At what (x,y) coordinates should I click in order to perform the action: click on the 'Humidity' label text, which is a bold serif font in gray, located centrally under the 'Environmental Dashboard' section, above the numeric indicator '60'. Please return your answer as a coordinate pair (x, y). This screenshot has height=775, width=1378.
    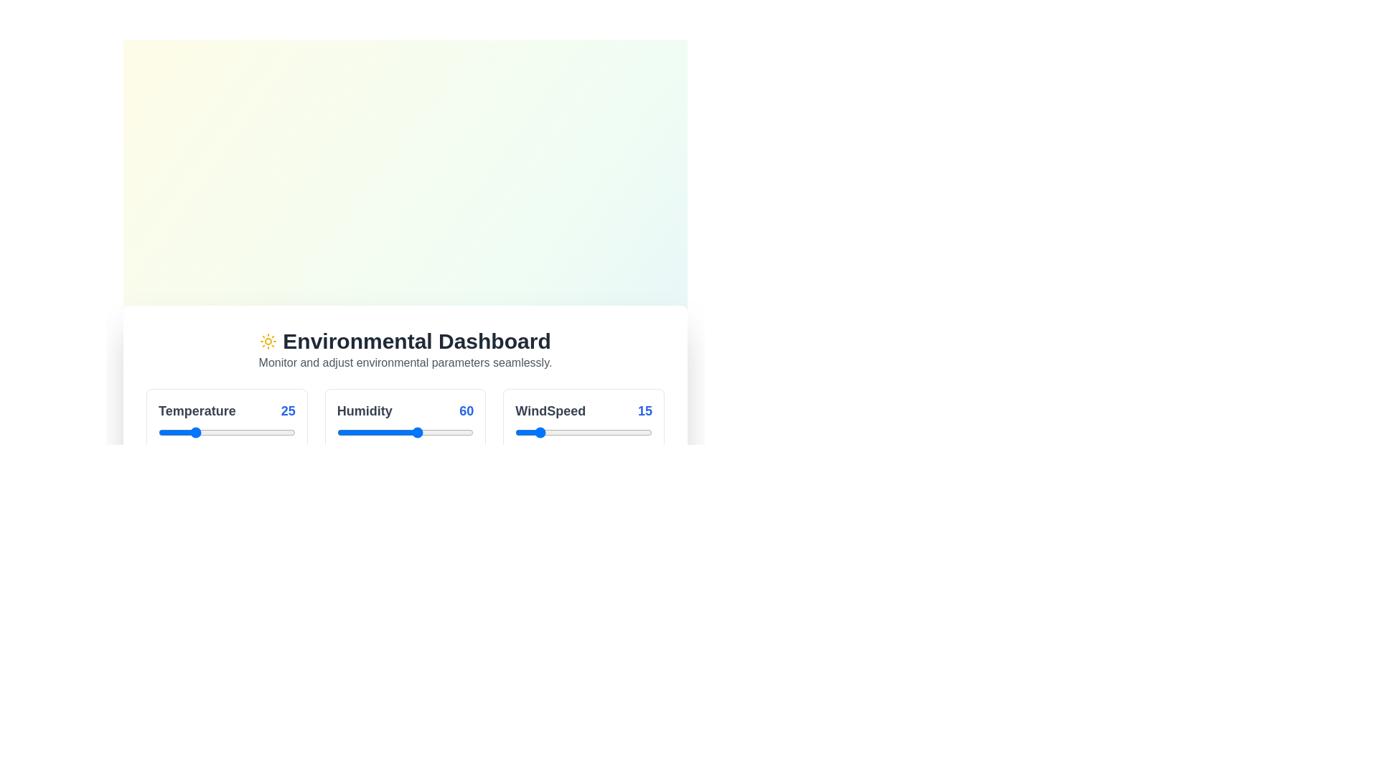
    Looking at the image, I should click on (365, 410).